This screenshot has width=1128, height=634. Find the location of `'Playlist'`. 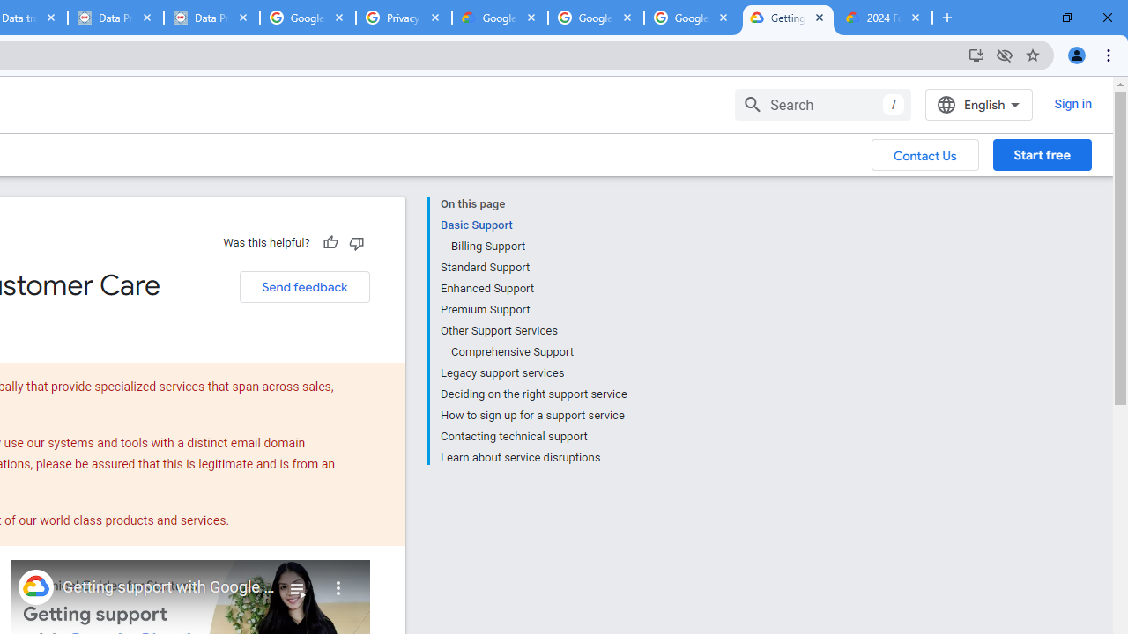

'Playlist' is located at coordinates (297, 581).